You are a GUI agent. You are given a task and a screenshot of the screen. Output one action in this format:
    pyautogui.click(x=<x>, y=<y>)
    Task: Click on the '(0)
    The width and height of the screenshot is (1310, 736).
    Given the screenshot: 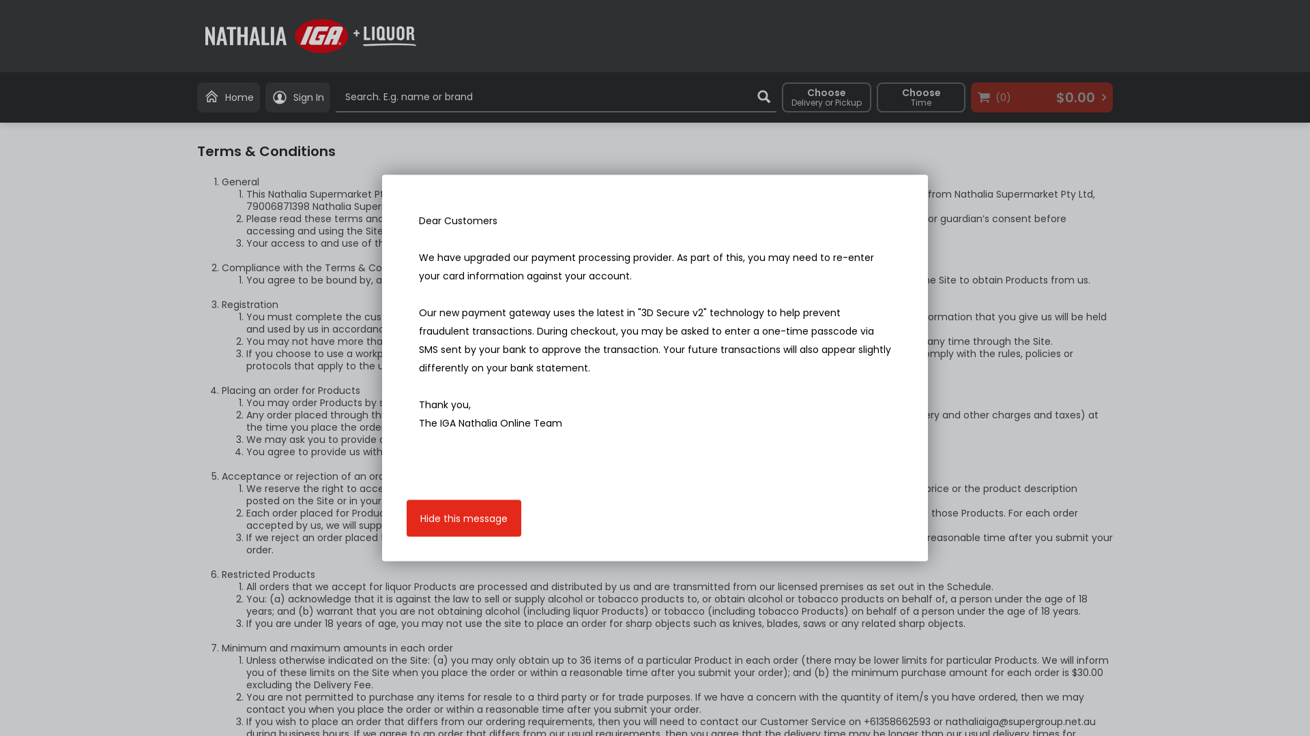 What is the action you would take?
    pyautogui.click(x=970, y=96)
    